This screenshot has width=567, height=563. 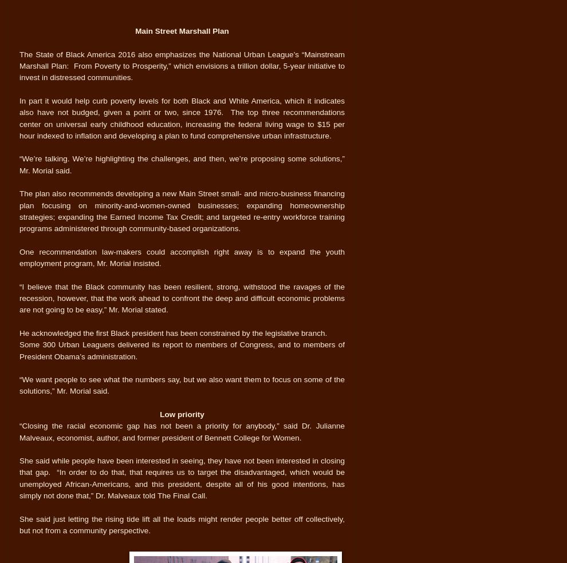 I want to click on 'The State of Black America 2016 also emphasizes the National Urban League’s “Mainstream Marshall Plan:  From Poverty to Prosperity,” which envisions a trillion dollar, 5-year initiative to invest in distressed communities.', so click(x=18, y=65).